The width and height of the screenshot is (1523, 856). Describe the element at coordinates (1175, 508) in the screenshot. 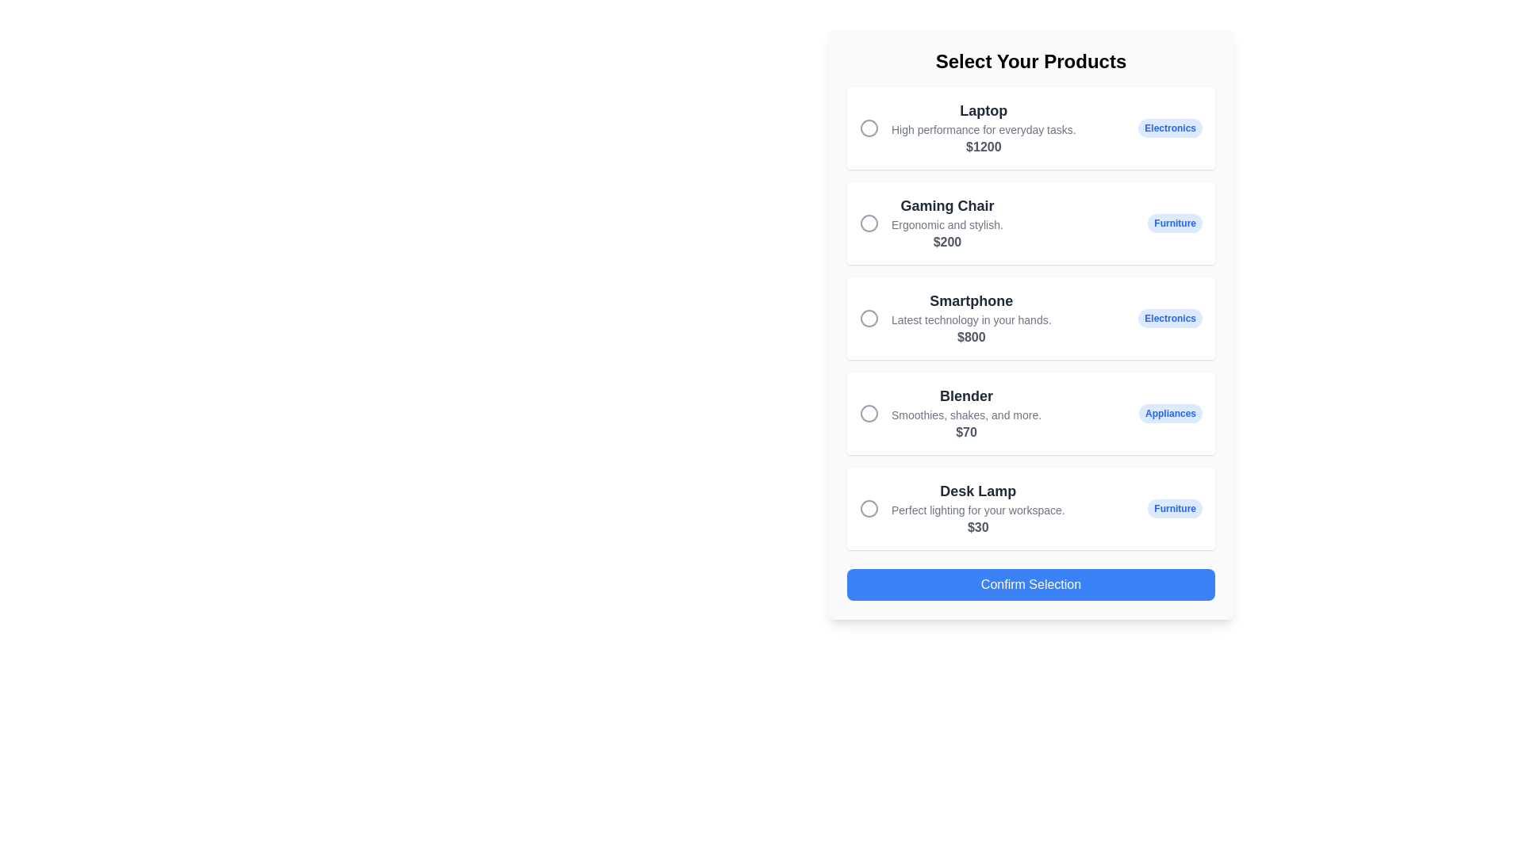

I see `the pill-shaped label with the word 'Furniture' in bold blue text, located at the bottom right corner of the product list item for 'Desk Lamp'` at that location.